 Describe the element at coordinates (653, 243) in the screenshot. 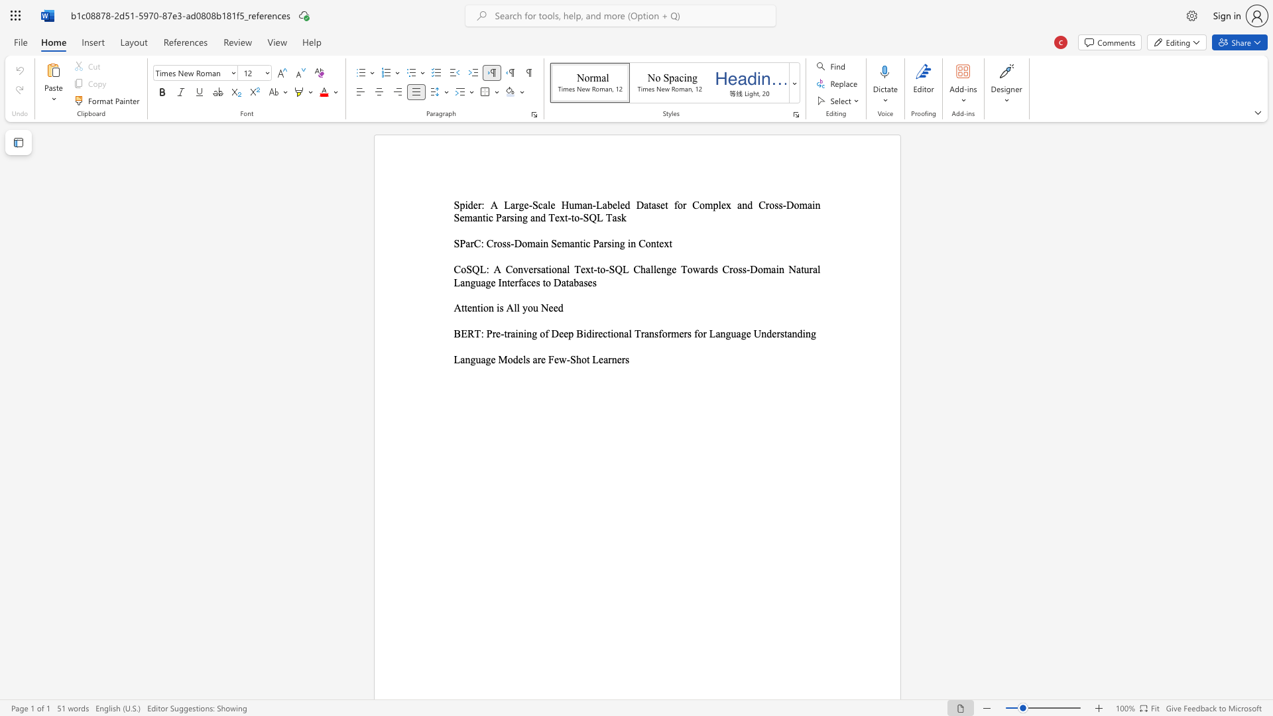

I see `the 5th character "n" in the text` at that location.